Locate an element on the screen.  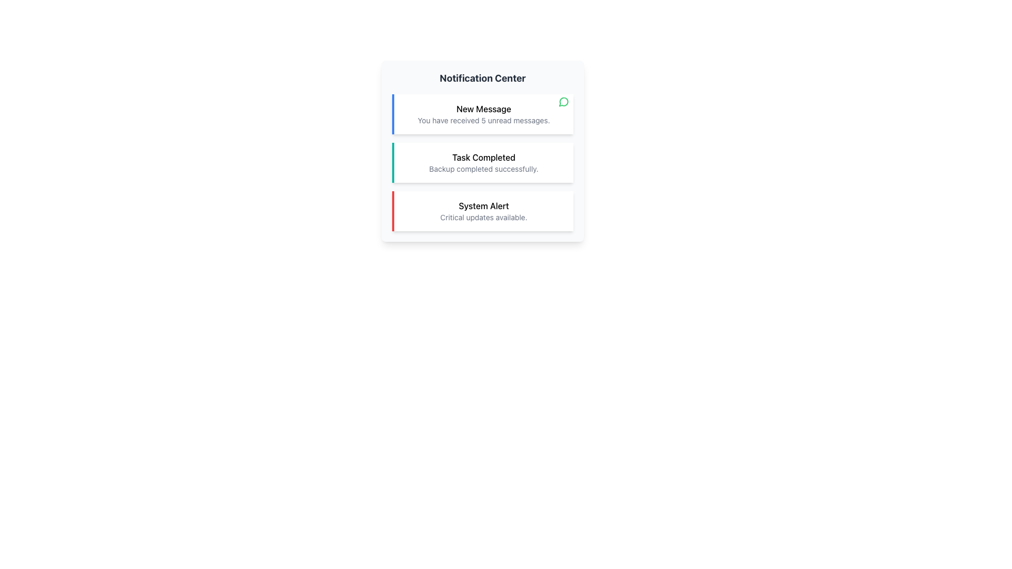
notification message displayed in the Notification Card, which is centrally positioned in the Notification Center, specifically the middle card among three notifications is located at coordinates (482, 162).